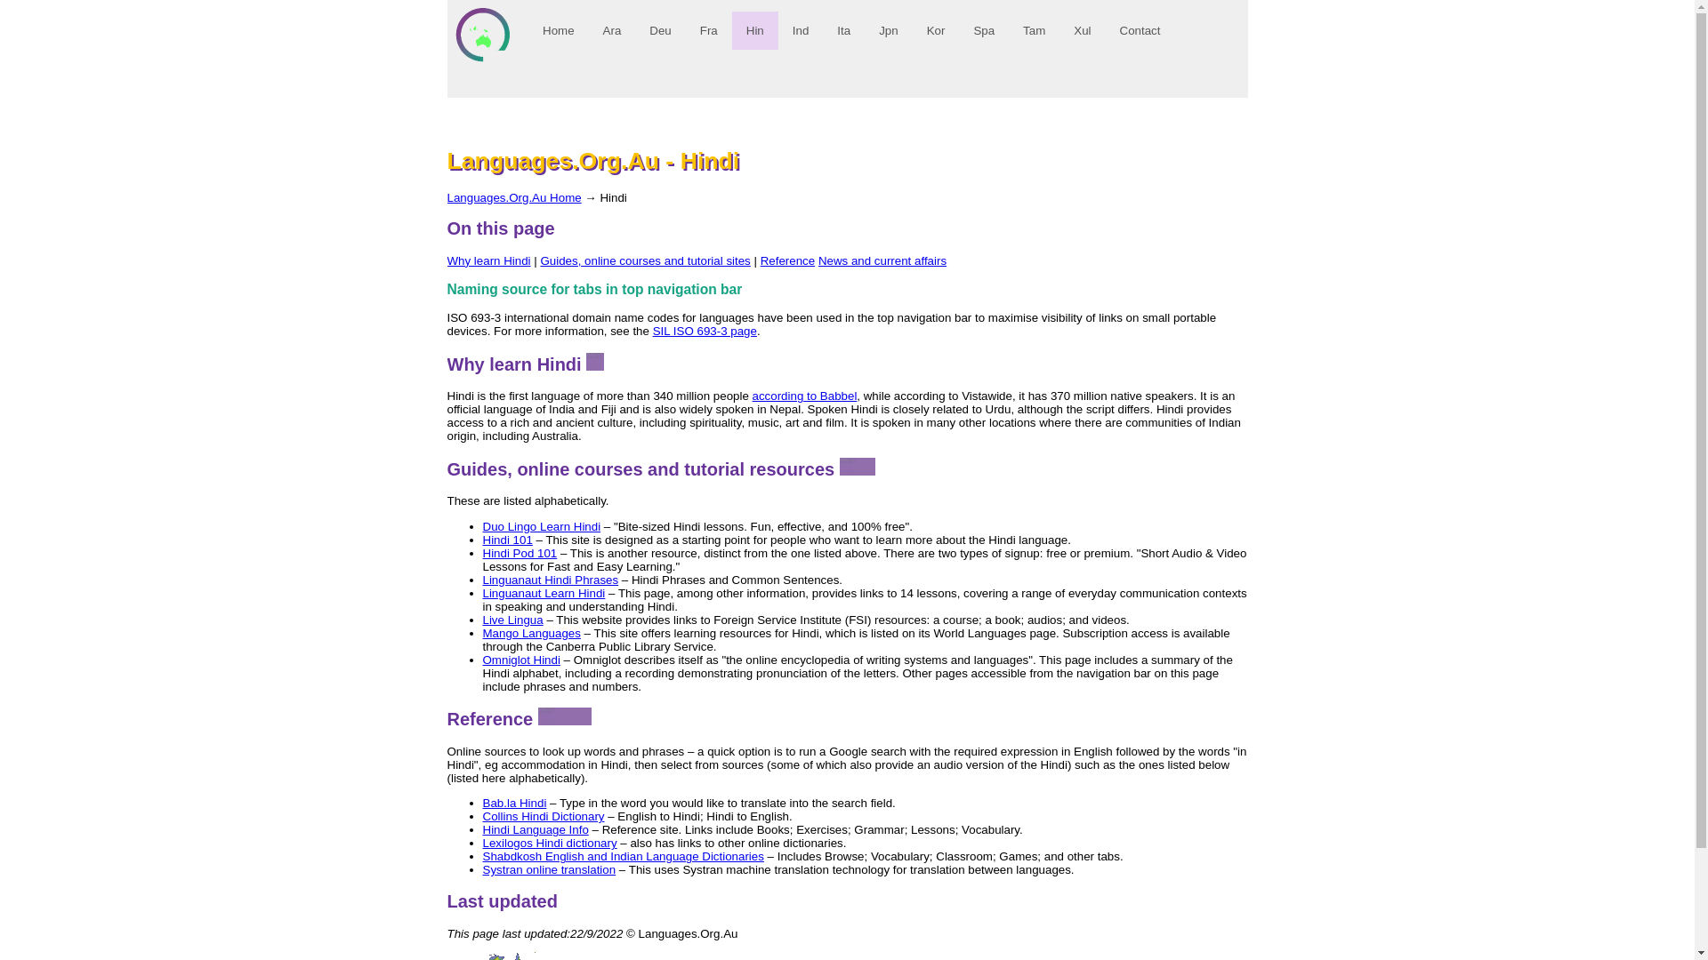 This screenshot has height=960, width=1708. What do you see at coordinates (754, 30) in the screenshot?
I see `'Hin'` at bounding box center [754, 30].